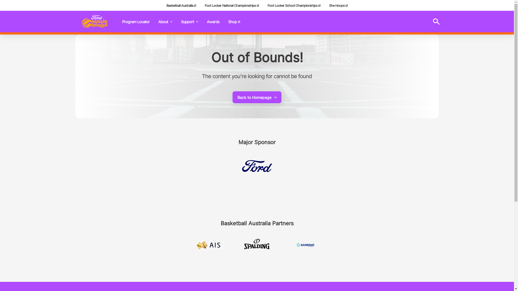 This screenshot has width=518, height=291. I want to click on 'AIS', so click(208, 245).